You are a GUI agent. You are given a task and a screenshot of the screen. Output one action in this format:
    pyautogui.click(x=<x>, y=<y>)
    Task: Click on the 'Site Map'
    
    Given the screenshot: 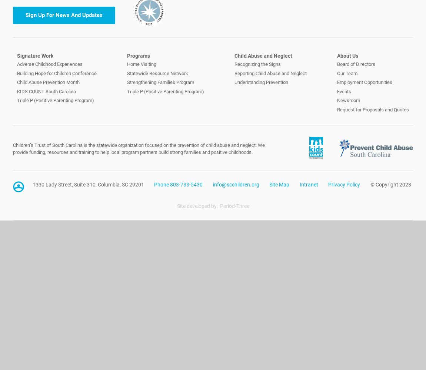 What is the action you would take?
    pyautogui.click(x=279, y=184)
    